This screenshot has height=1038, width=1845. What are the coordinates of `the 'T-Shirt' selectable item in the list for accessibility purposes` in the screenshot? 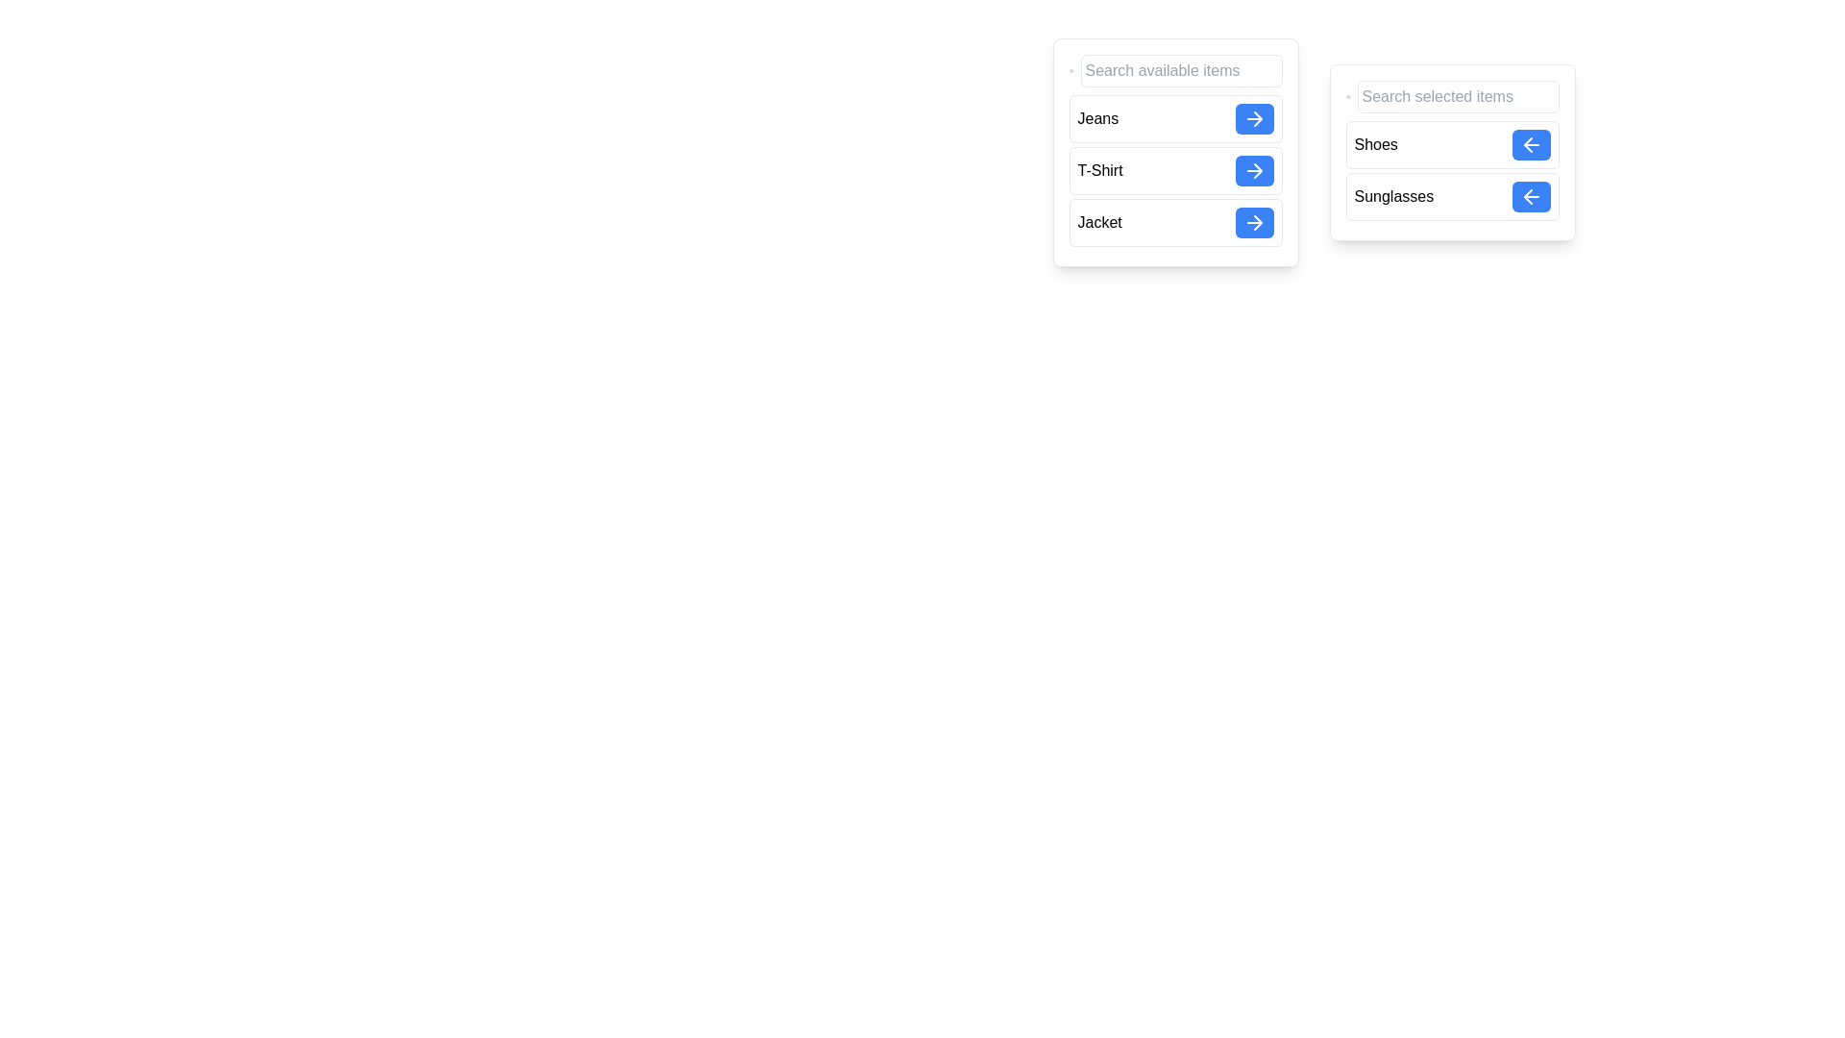 It's located at (1174, 169).